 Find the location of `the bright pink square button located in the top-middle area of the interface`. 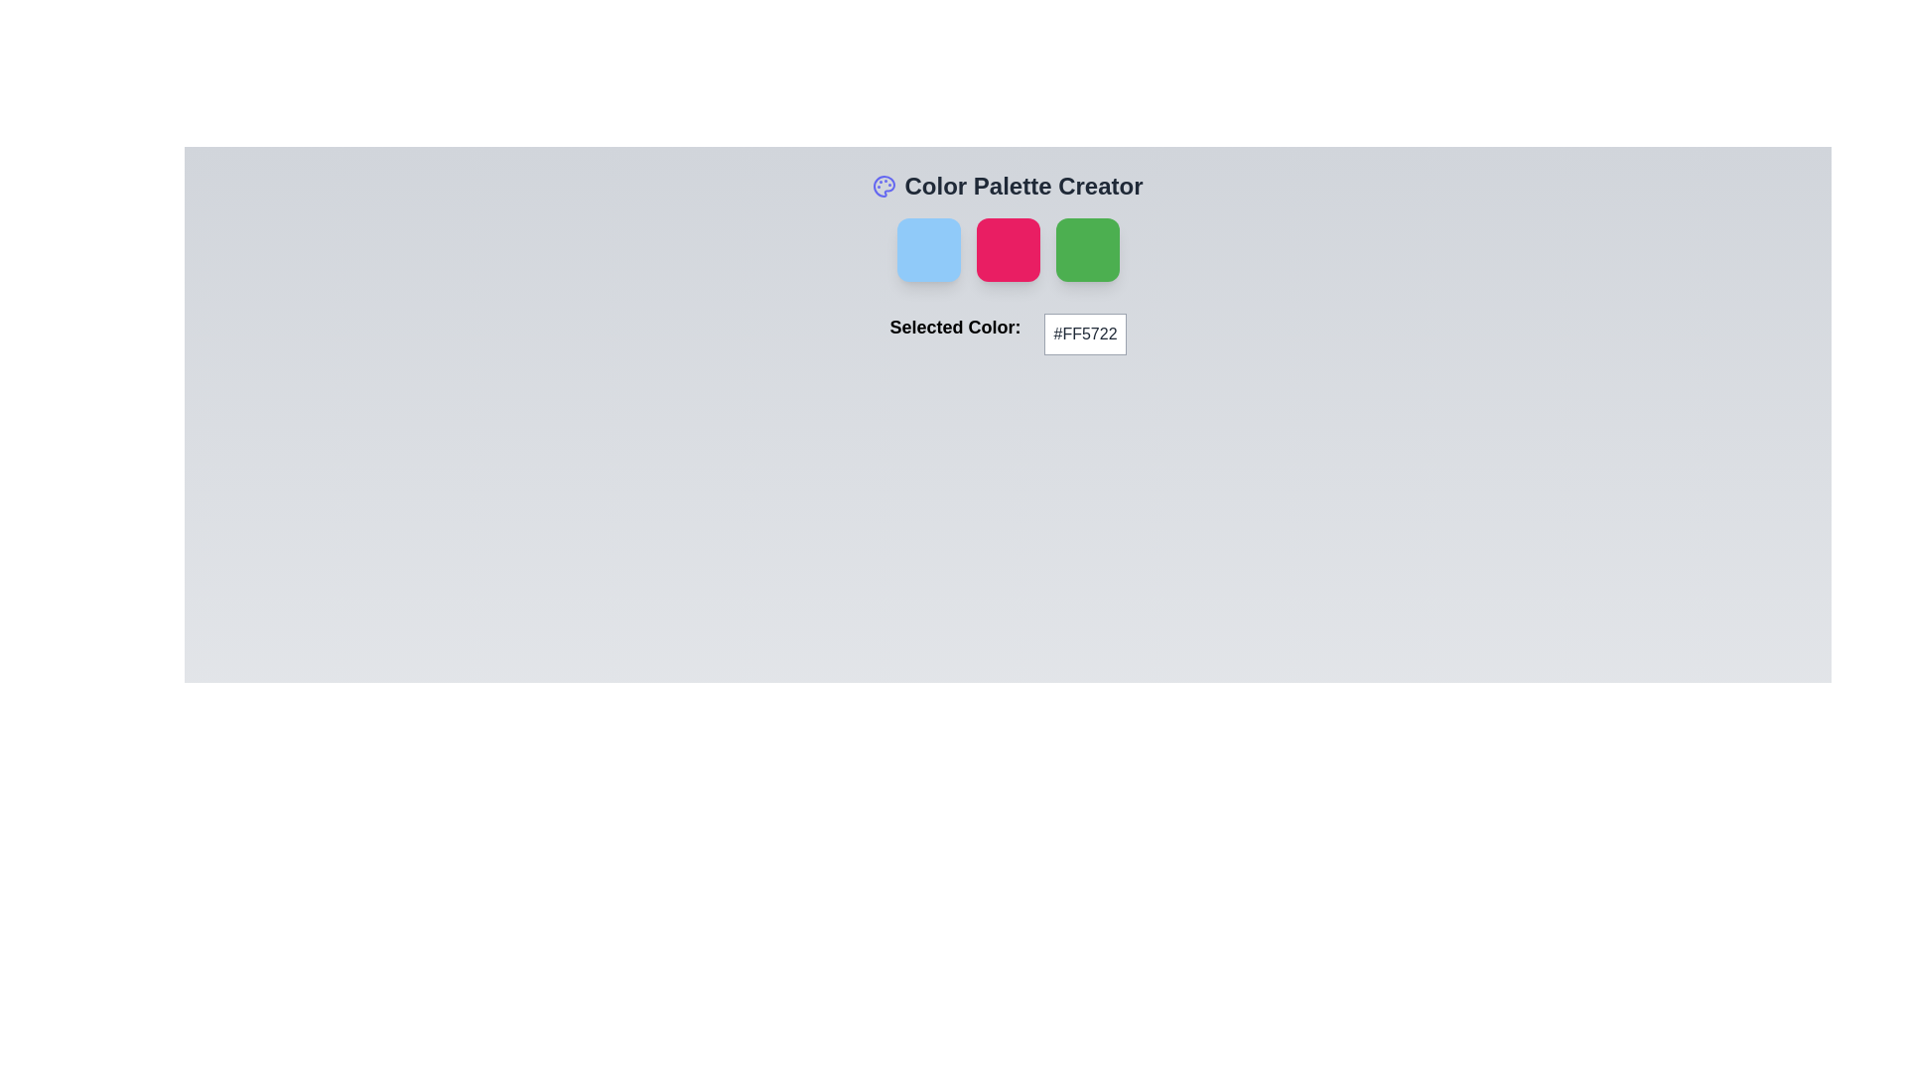

the bright pink square button located in the top-middle area of the interface is located at coordinates (1008, 248).